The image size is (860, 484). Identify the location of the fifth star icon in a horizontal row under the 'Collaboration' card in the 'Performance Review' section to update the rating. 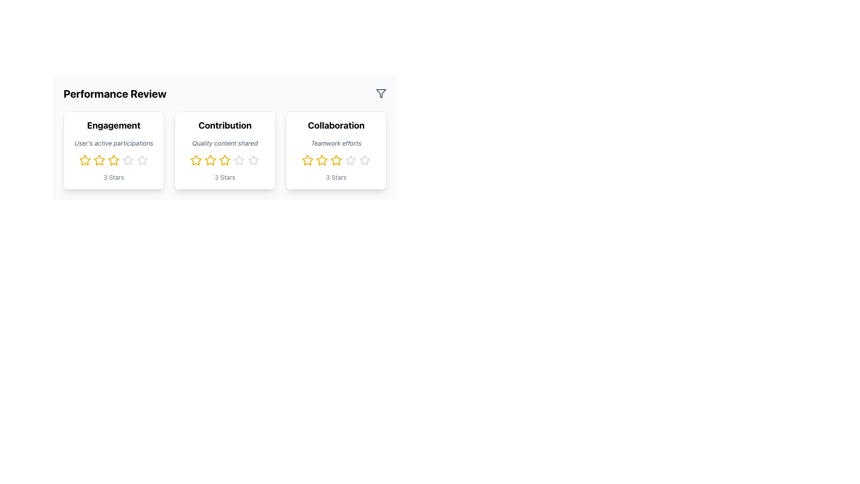
(365, 160).